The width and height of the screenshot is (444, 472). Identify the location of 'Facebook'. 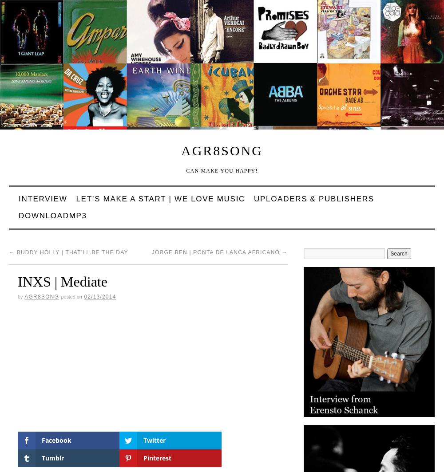
(56, 440).